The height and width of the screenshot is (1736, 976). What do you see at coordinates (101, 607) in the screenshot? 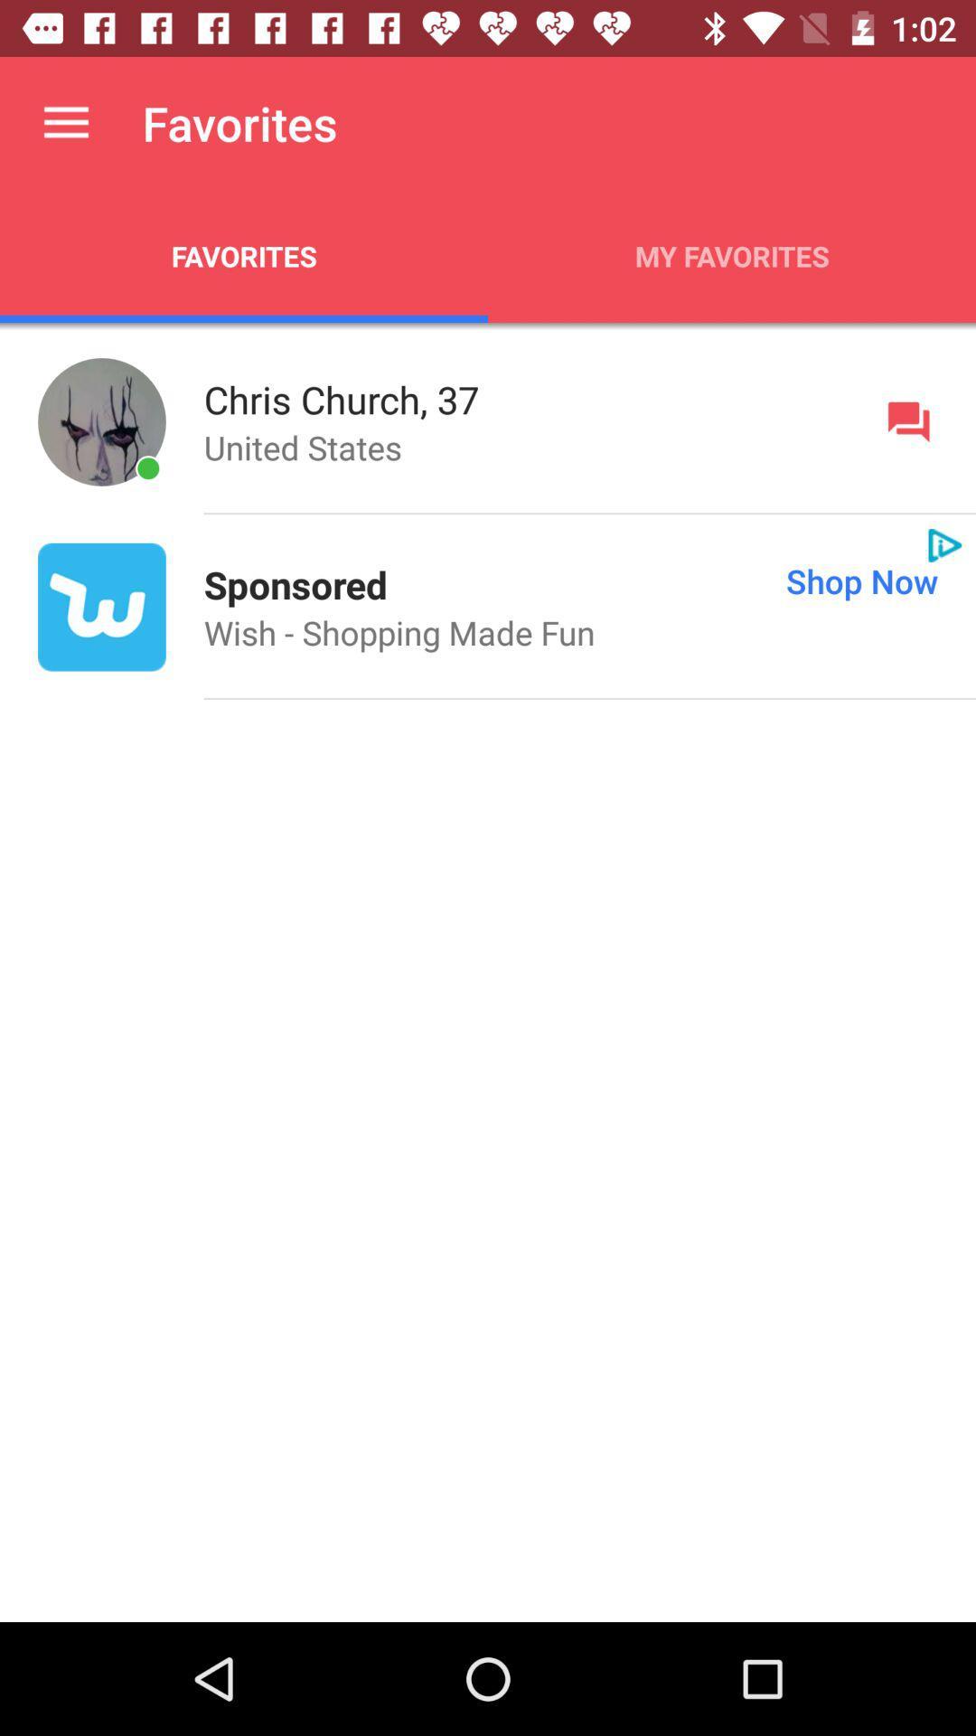
I see `the icon to the left of sponsored icon` at bounding box center [101, 607].